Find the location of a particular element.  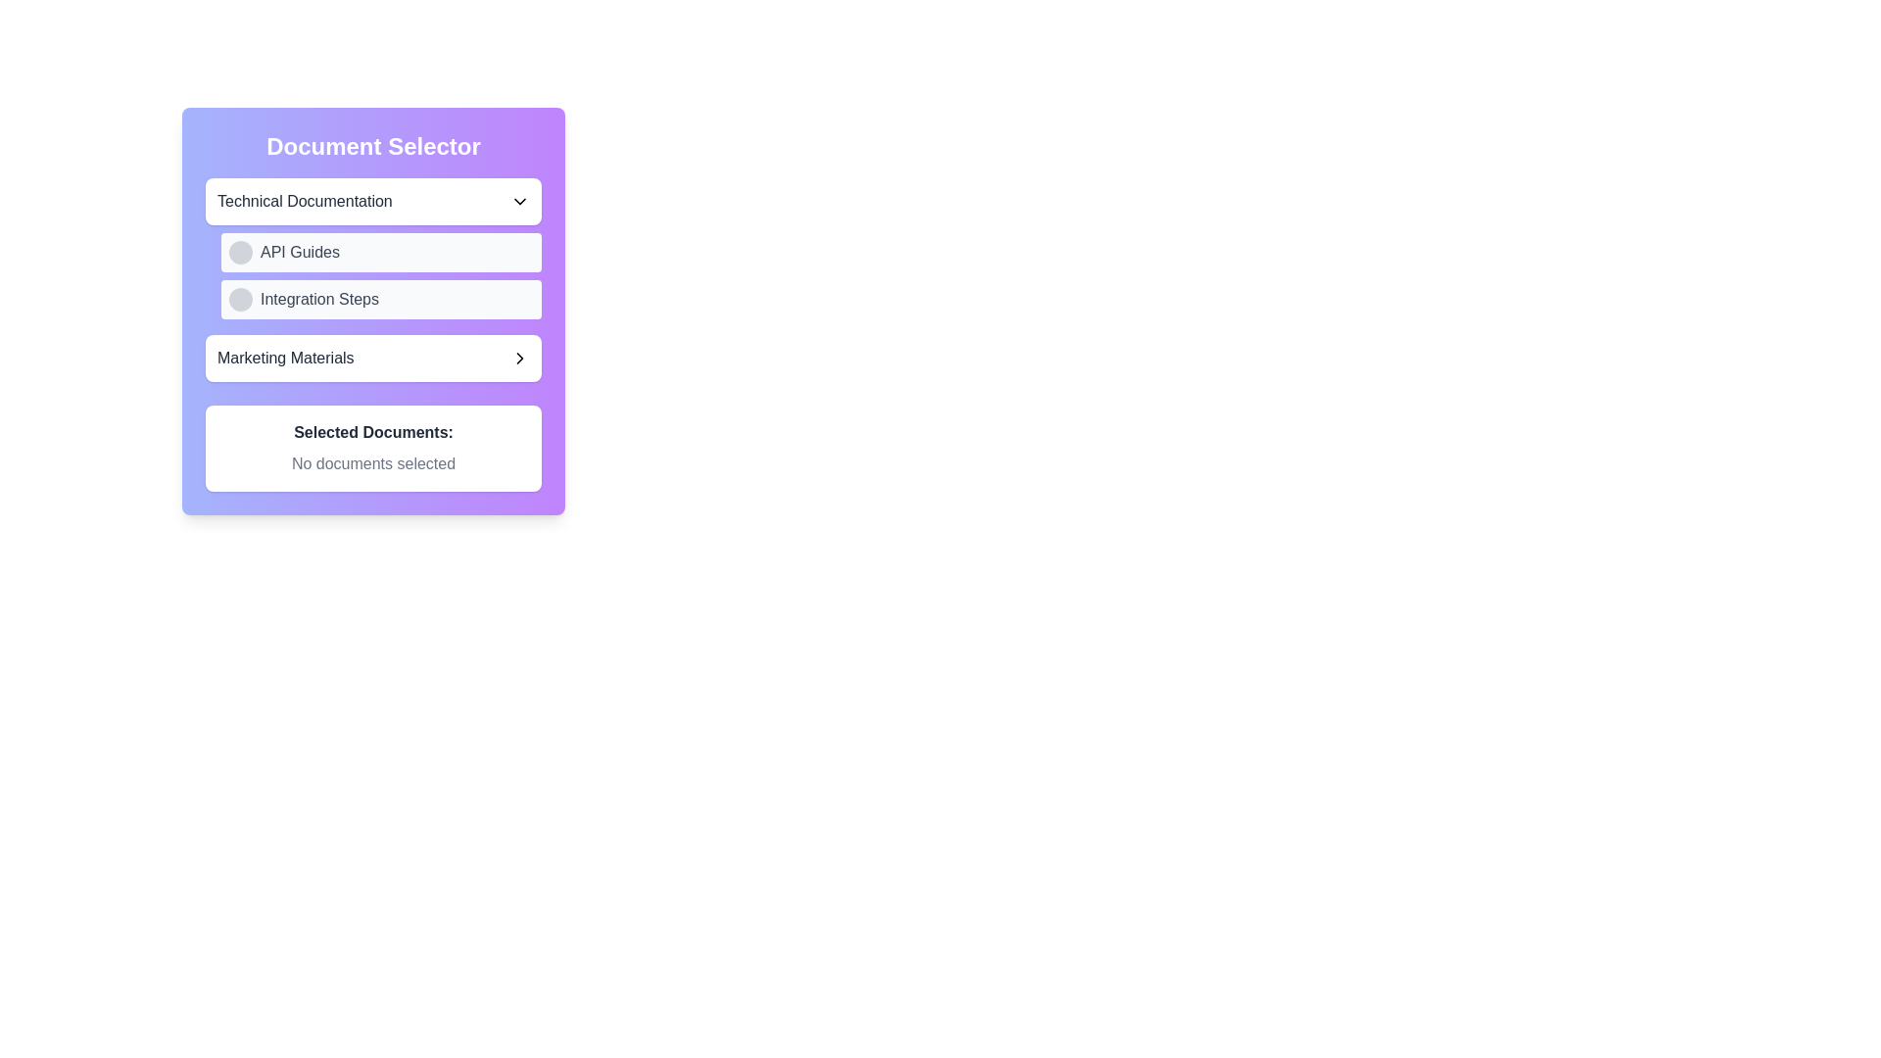

text content of the 'API Guides' label located in the second row of the 'Document Selector' panel under 'Technical Documentation', which is accompanied by a circular bullet icon is located at coordinates (299, 252).